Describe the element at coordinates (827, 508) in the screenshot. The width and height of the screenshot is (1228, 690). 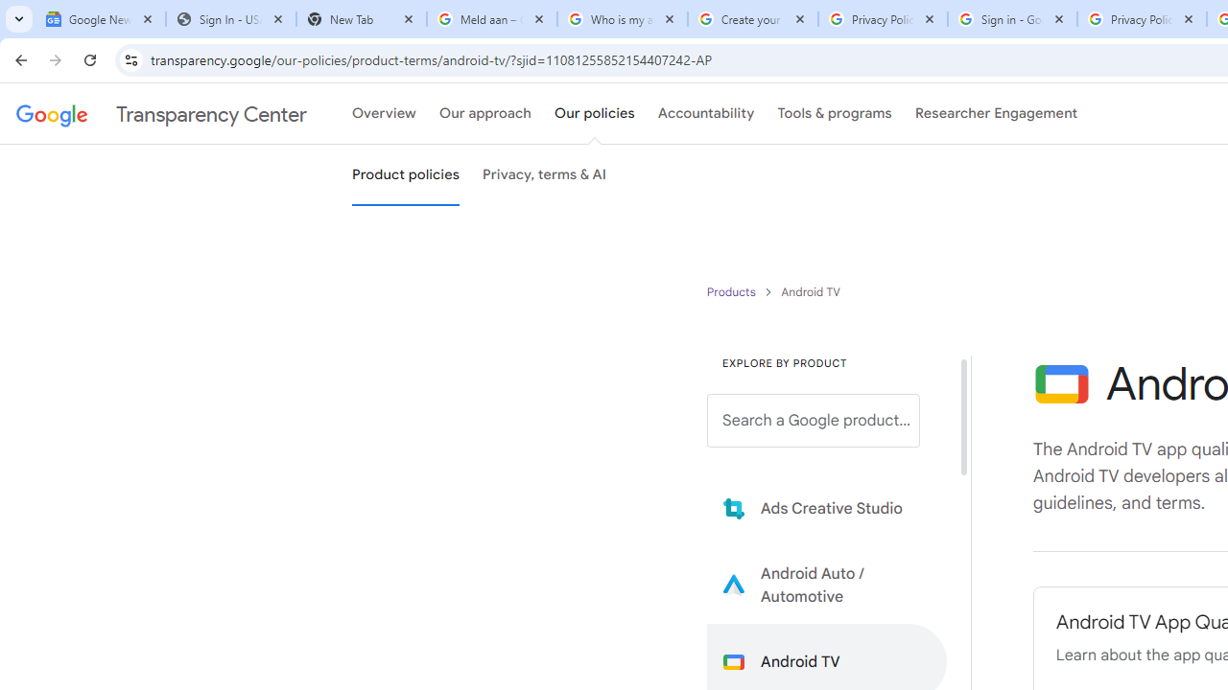
I see `'Learn more about Ads Creative Studio'` at that location.